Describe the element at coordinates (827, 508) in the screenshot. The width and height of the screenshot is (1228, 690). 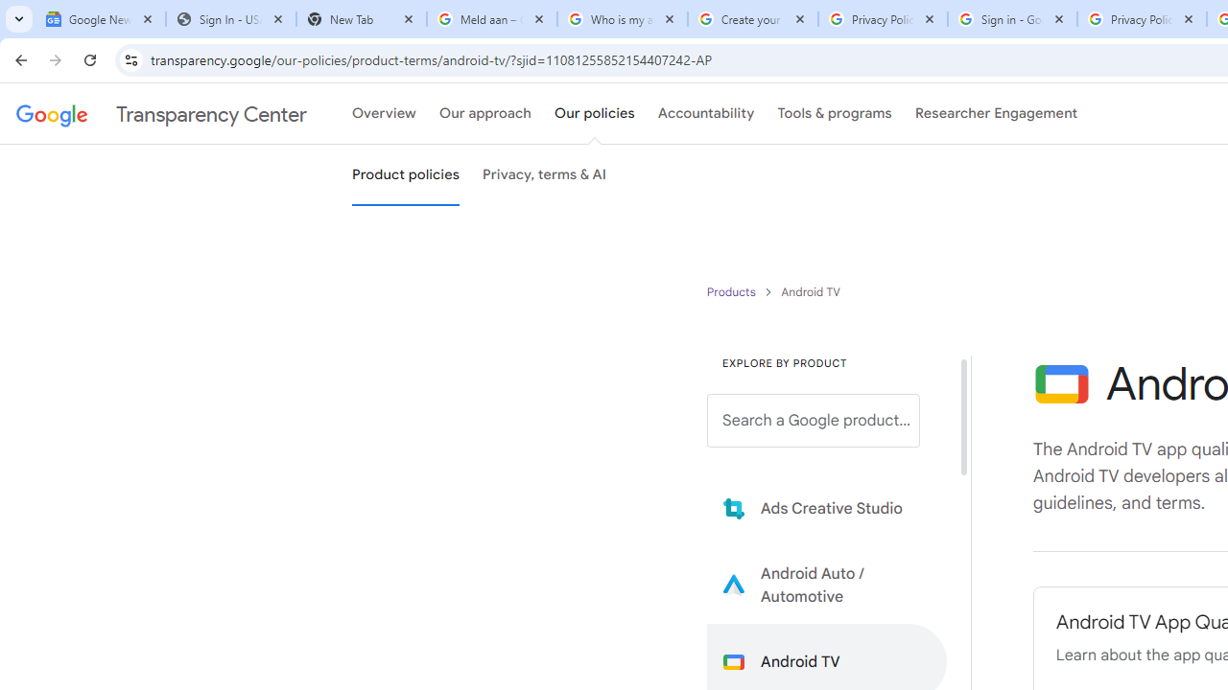
I see `'Learn more about Ads Creative Studio'` at that location.